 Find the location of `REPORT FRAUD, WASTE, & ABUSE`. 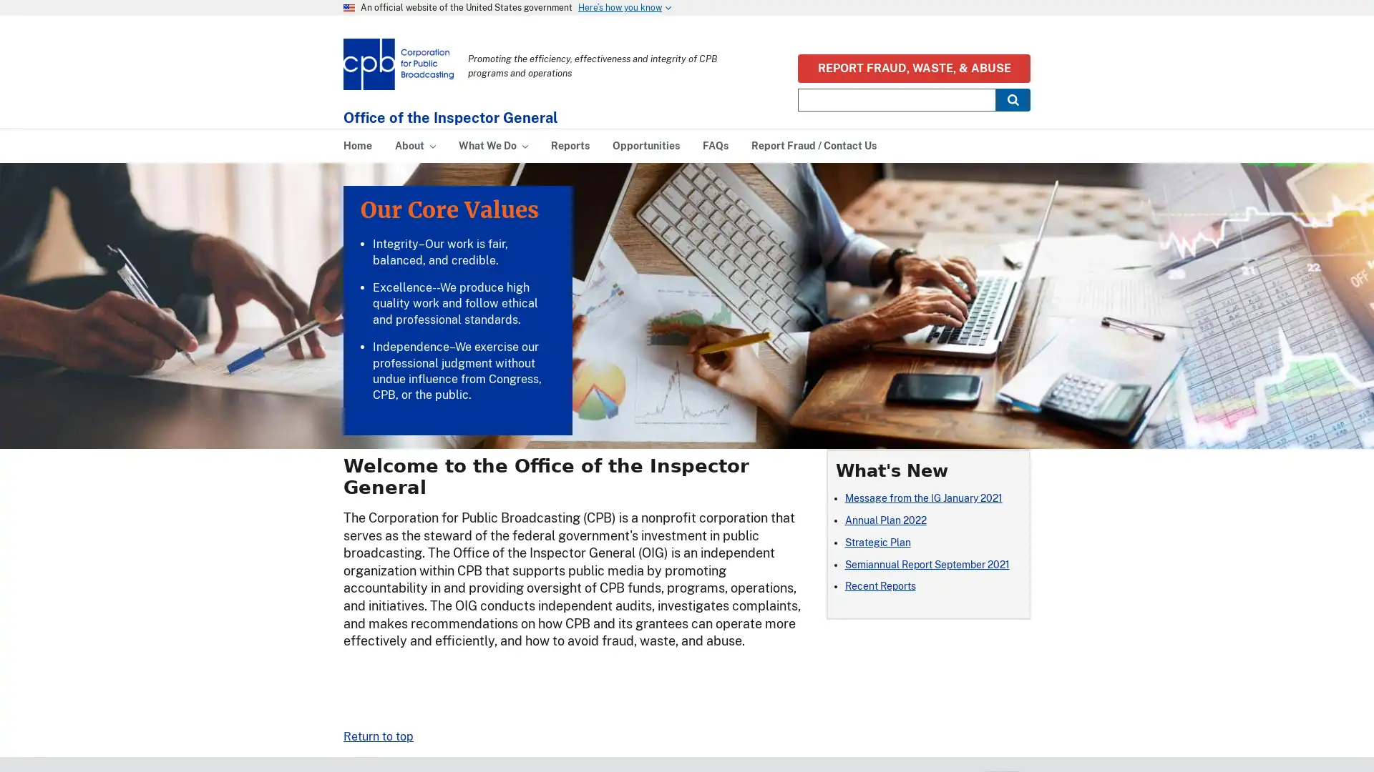

REPORT FRAUD, WASTE, & ABUSE is located at coordinates (913, 68).